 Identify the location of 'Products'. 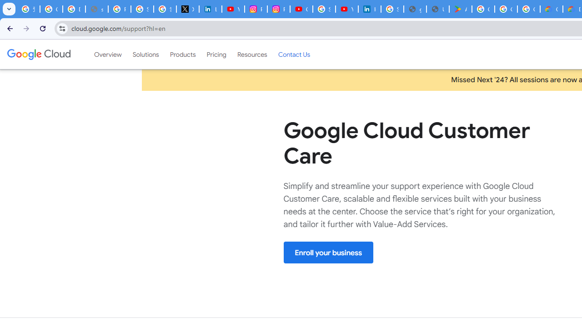
(182, 54).